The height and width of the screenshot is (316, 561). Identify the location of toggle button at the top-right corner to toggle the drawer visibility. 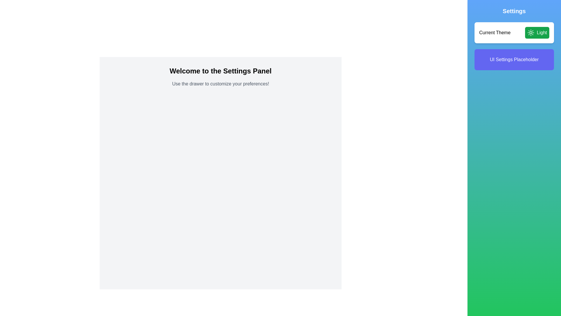
(549, 11).